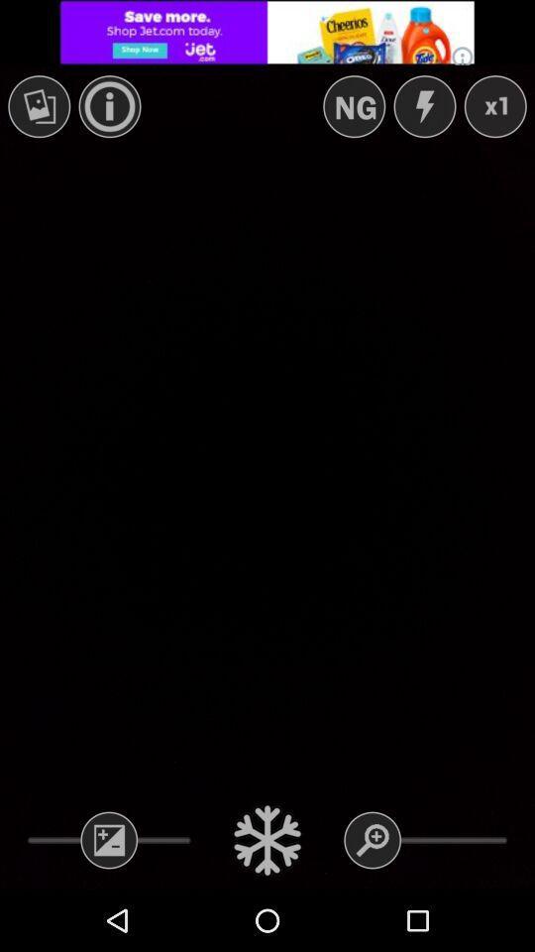 This screenshot has height=952, width=535. Describe the element at coordinates (267, 839) in the screenshot. I see `snowflake icon` at that location.